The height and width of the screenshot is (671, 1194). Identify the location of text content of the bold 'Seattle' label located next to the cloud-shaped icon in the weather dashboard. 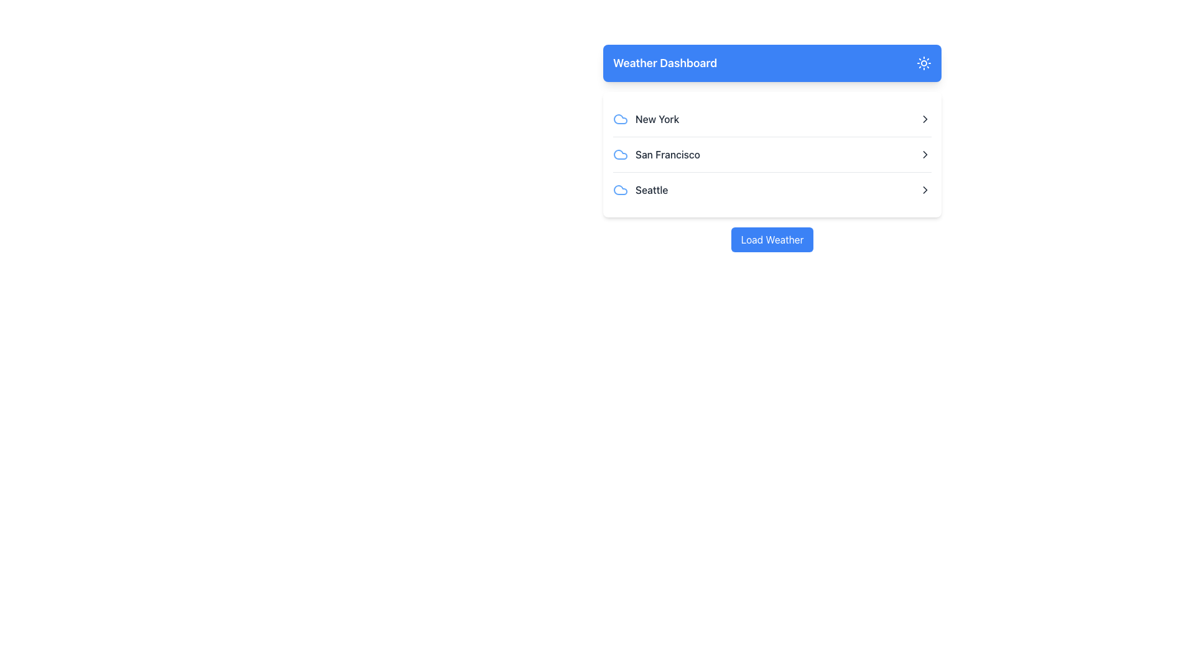
(641, 189).